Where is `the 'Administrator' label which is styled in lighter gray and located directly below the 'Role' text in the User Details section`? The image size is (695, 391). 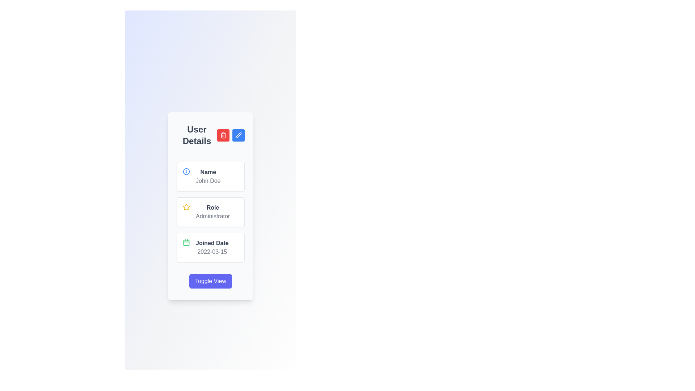 the 'Administrator' label which is styled in lighter gray and located directly below the 'Role' text in the User Details section is located at coordinates (212, 216).